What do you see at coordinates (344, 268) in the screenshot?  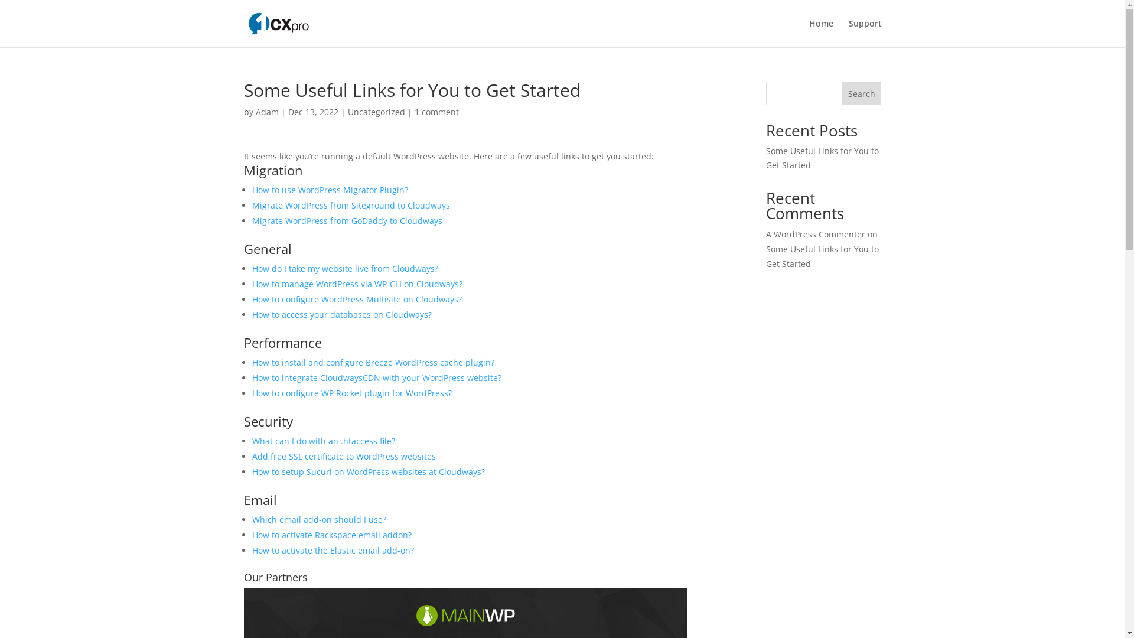 I see `'How do I take my website live from Cloudways?'` at bounding box center [344, 268].